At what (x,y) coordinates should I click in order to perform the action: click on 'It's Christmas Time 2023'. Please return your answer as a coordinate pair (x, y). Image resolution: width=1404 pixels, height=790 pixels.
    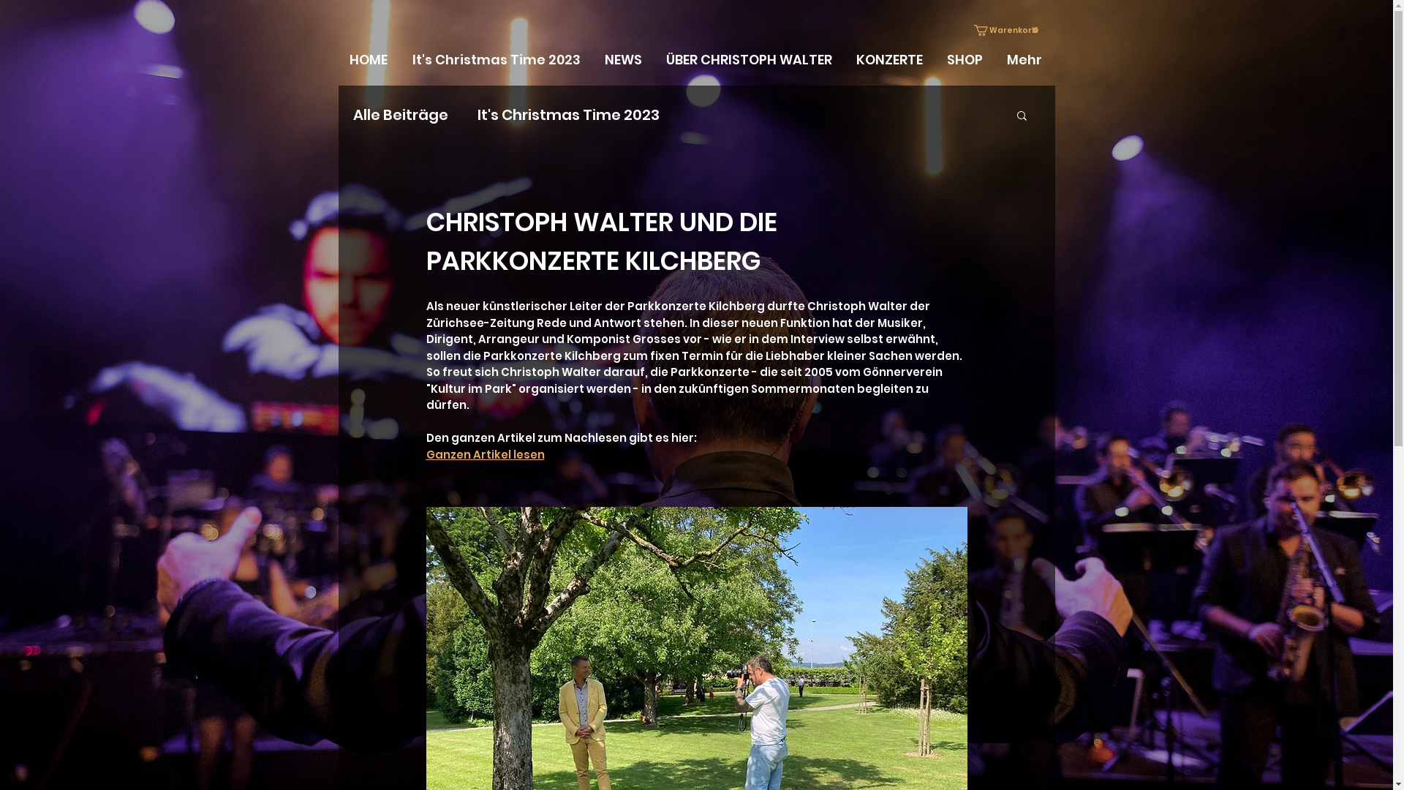
    Looking at the image, I should click on (477, 114).